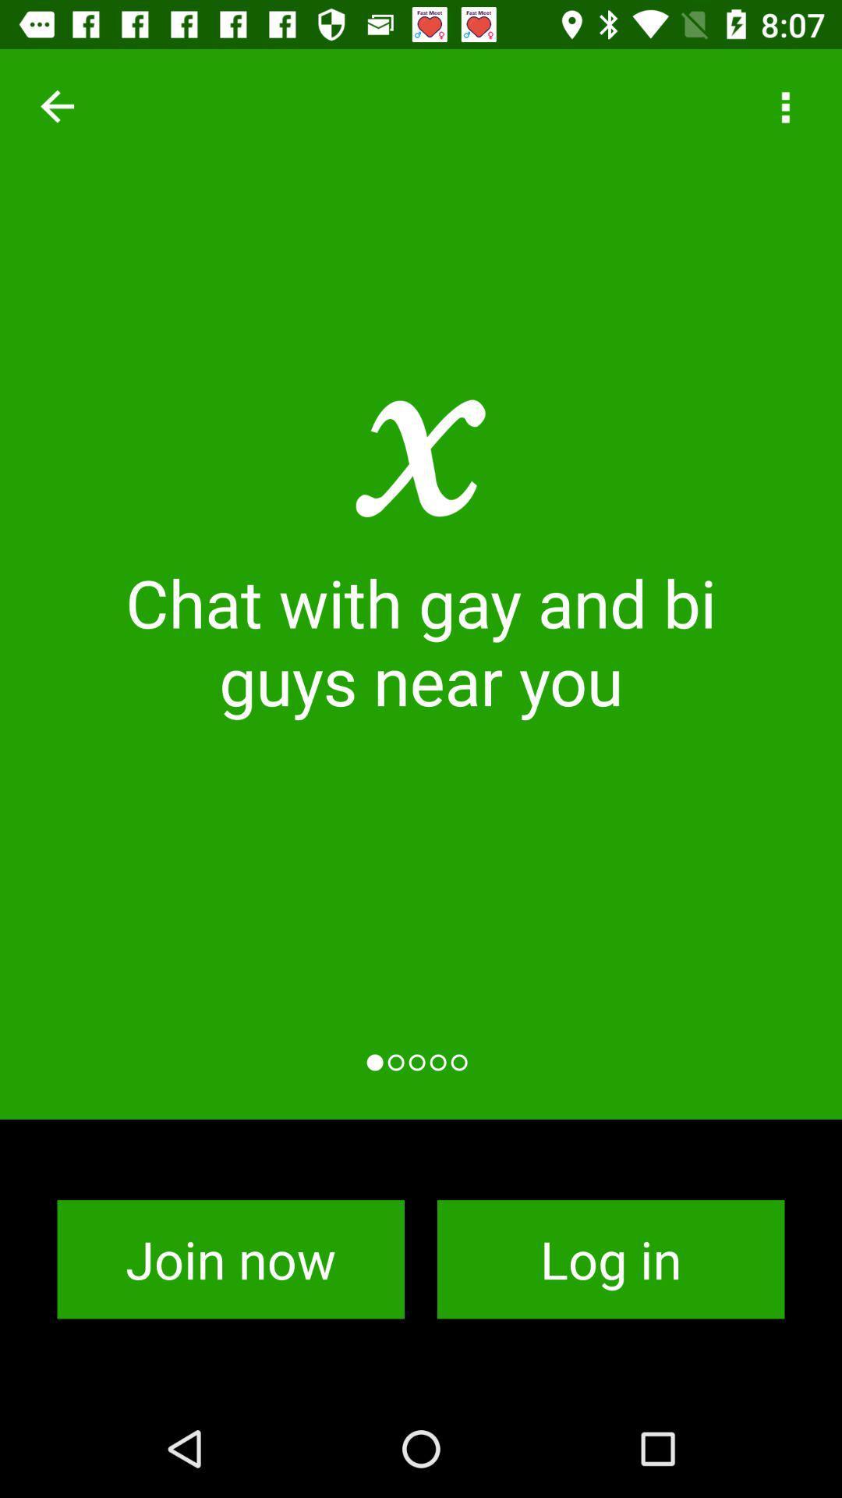 Image resolution: width=842 pixels, height=1498 pixels. I want to click on go back, so click(56, 105).